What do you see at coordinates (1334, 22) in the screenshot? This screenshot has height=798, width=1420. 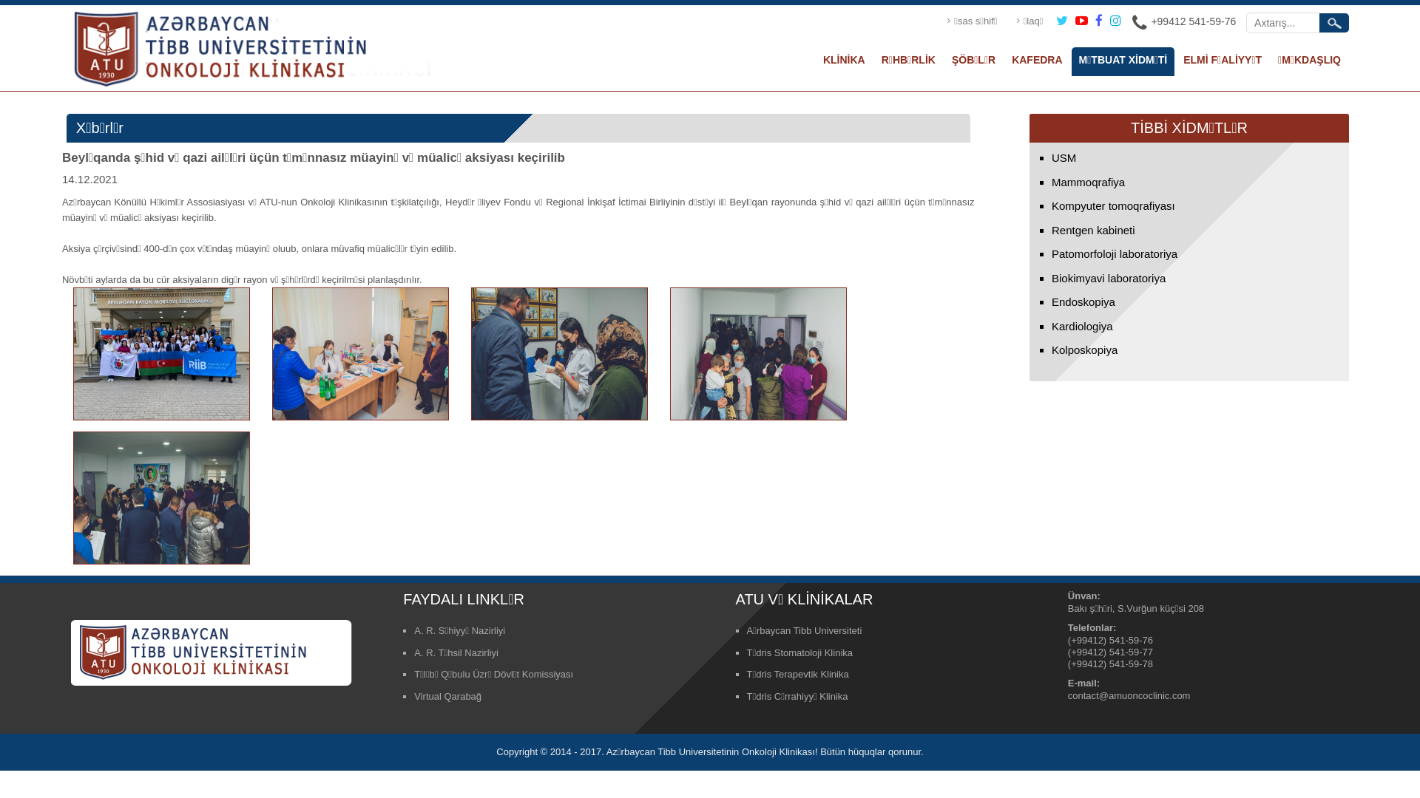 I see `'Search'` at bounding box center [1334, 22].